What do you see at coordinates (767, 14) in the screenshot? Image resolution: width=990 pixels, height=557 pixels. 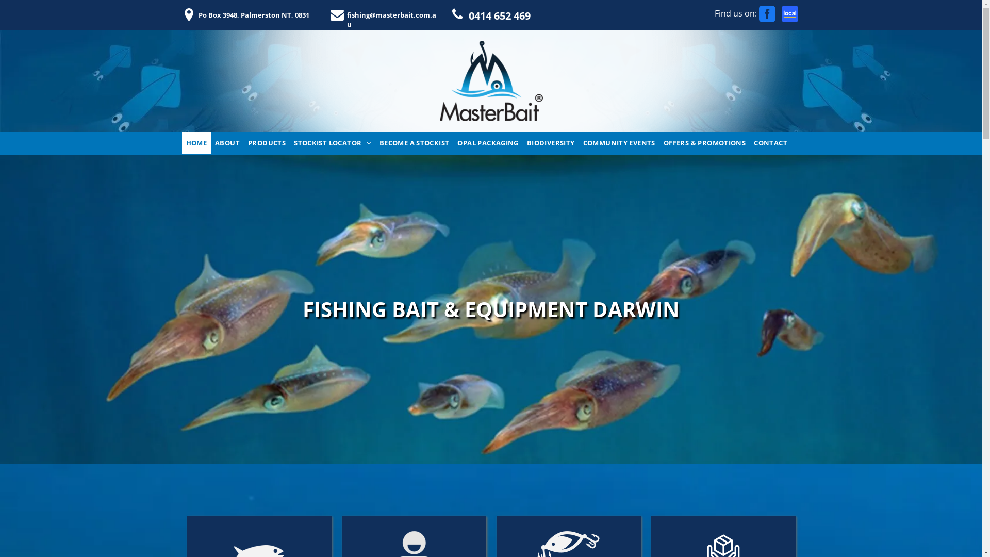 I see `'Find Us On Facebook'` at bounding box center [767, 14].